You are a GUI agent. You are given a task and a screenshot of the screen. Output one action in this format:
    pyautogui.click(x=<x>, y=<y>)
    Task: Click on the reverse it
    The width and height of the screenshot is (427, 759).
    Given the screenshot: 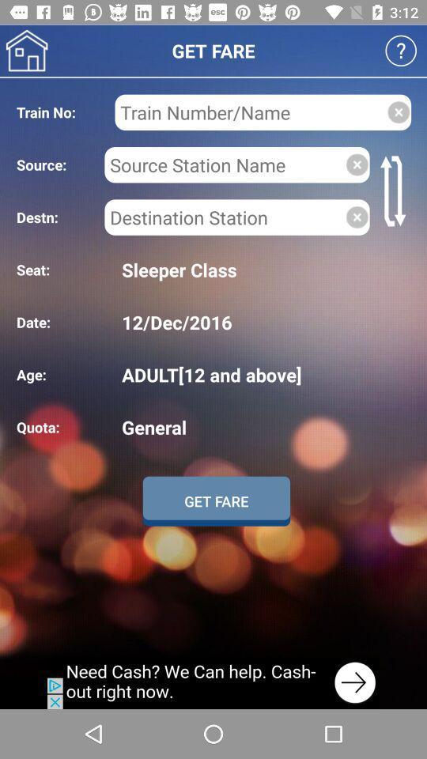 What is the action you would take?
    pyautogui.click(x=395, y=190)
    